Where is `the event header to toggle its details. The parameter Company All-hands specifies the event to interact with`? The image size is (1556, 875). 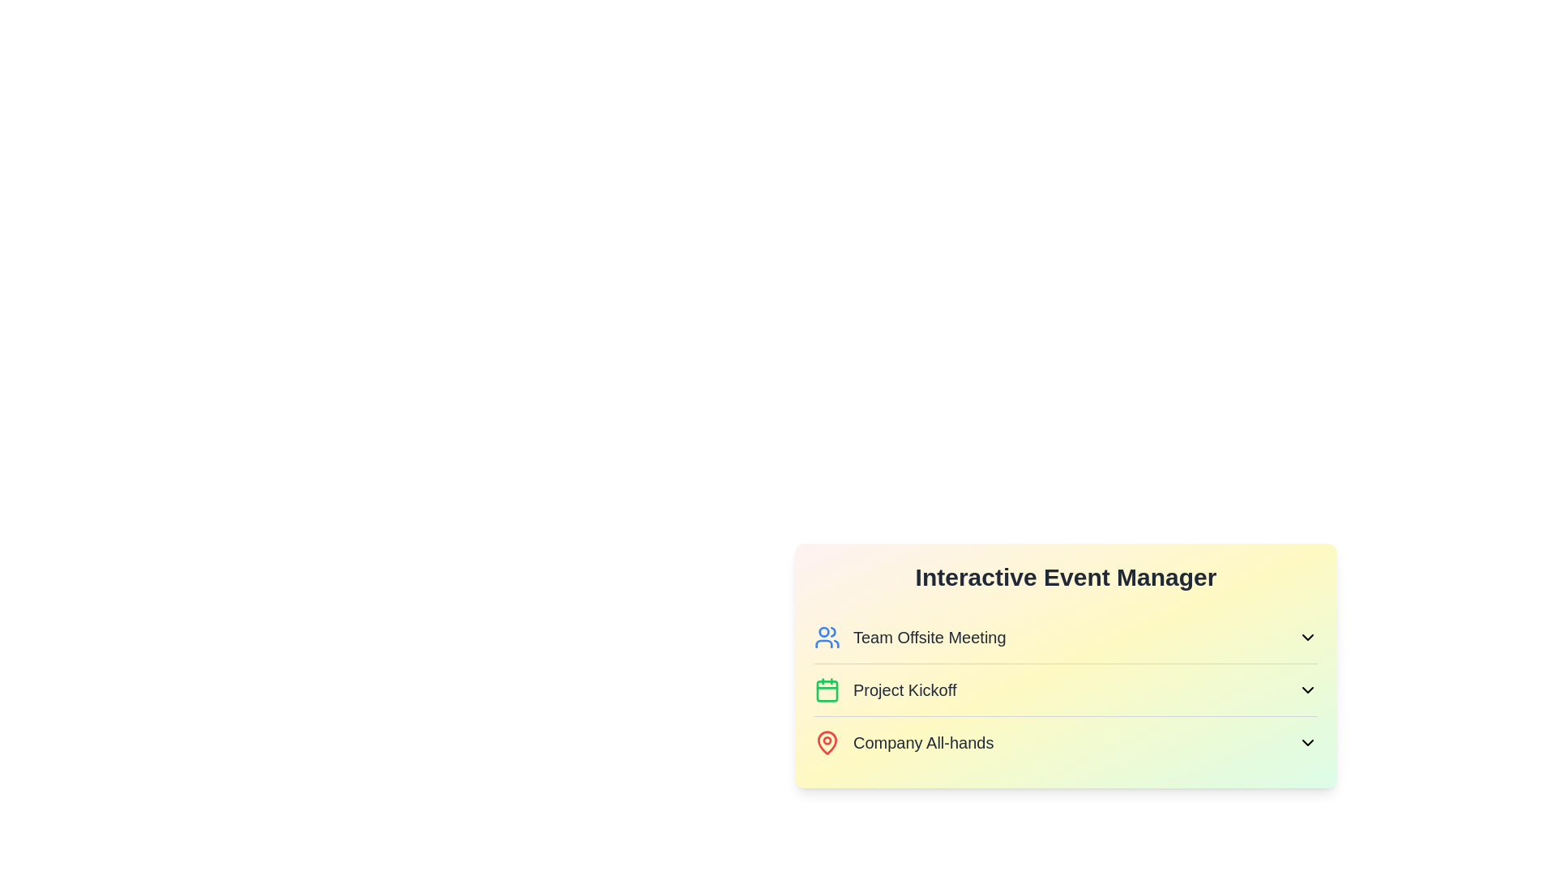
the event header to toggle its details. The parameter Company All-hands specifies the event to interact with is located at coordinates (1066, 743).